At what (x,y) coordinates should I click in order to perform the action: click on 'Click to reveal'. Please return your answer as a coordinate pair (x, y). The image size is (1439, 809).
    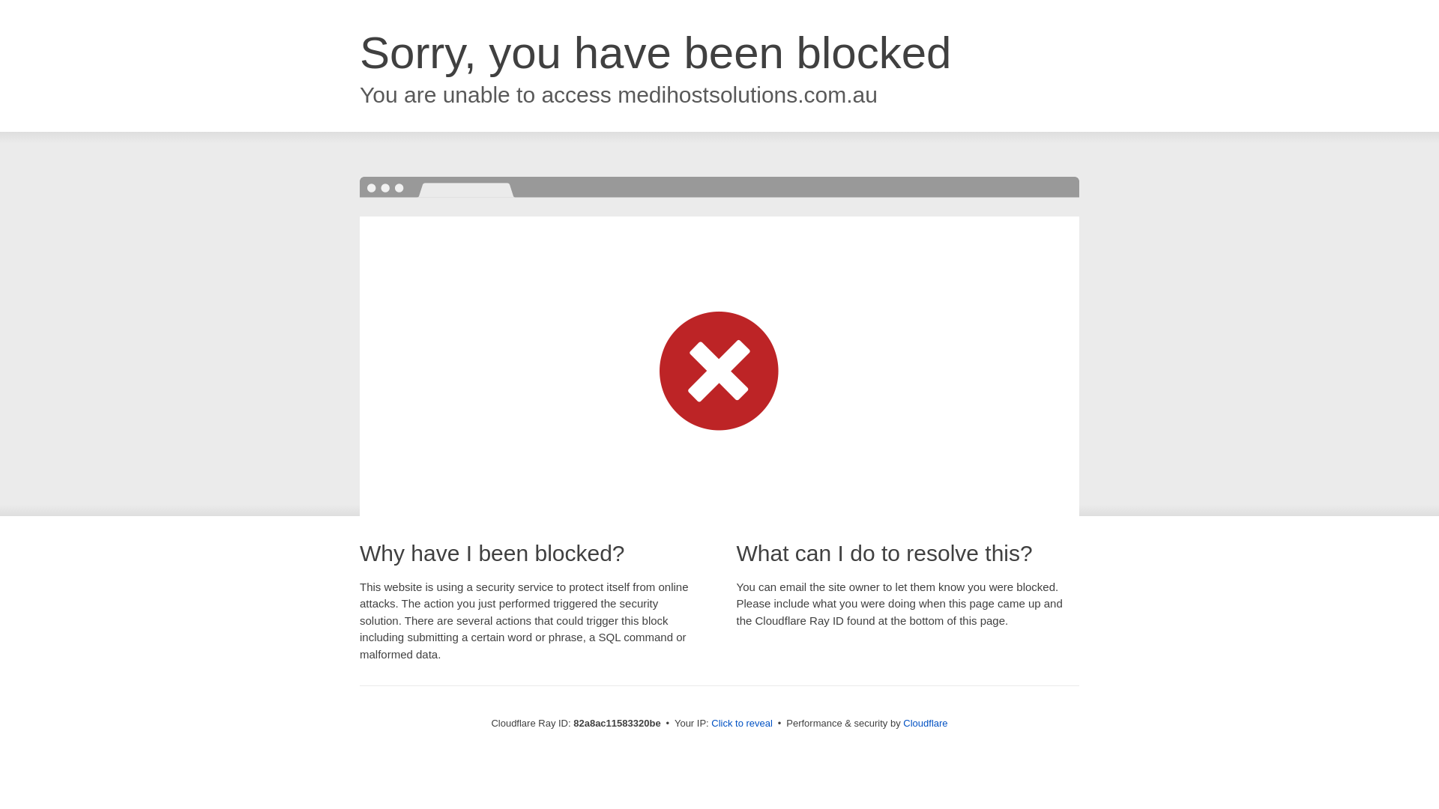
    Looking at the image, I should click on (741, 722).